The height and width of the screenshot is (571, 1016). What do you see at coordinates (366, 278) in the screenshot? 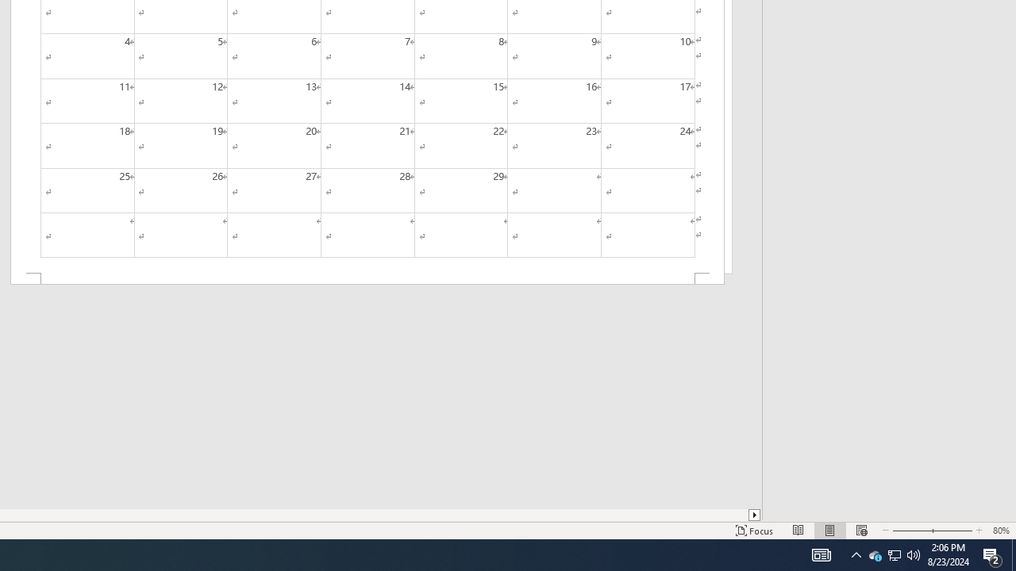
I see `'Footer -Section 2-'` at bounding box center [366, 278].